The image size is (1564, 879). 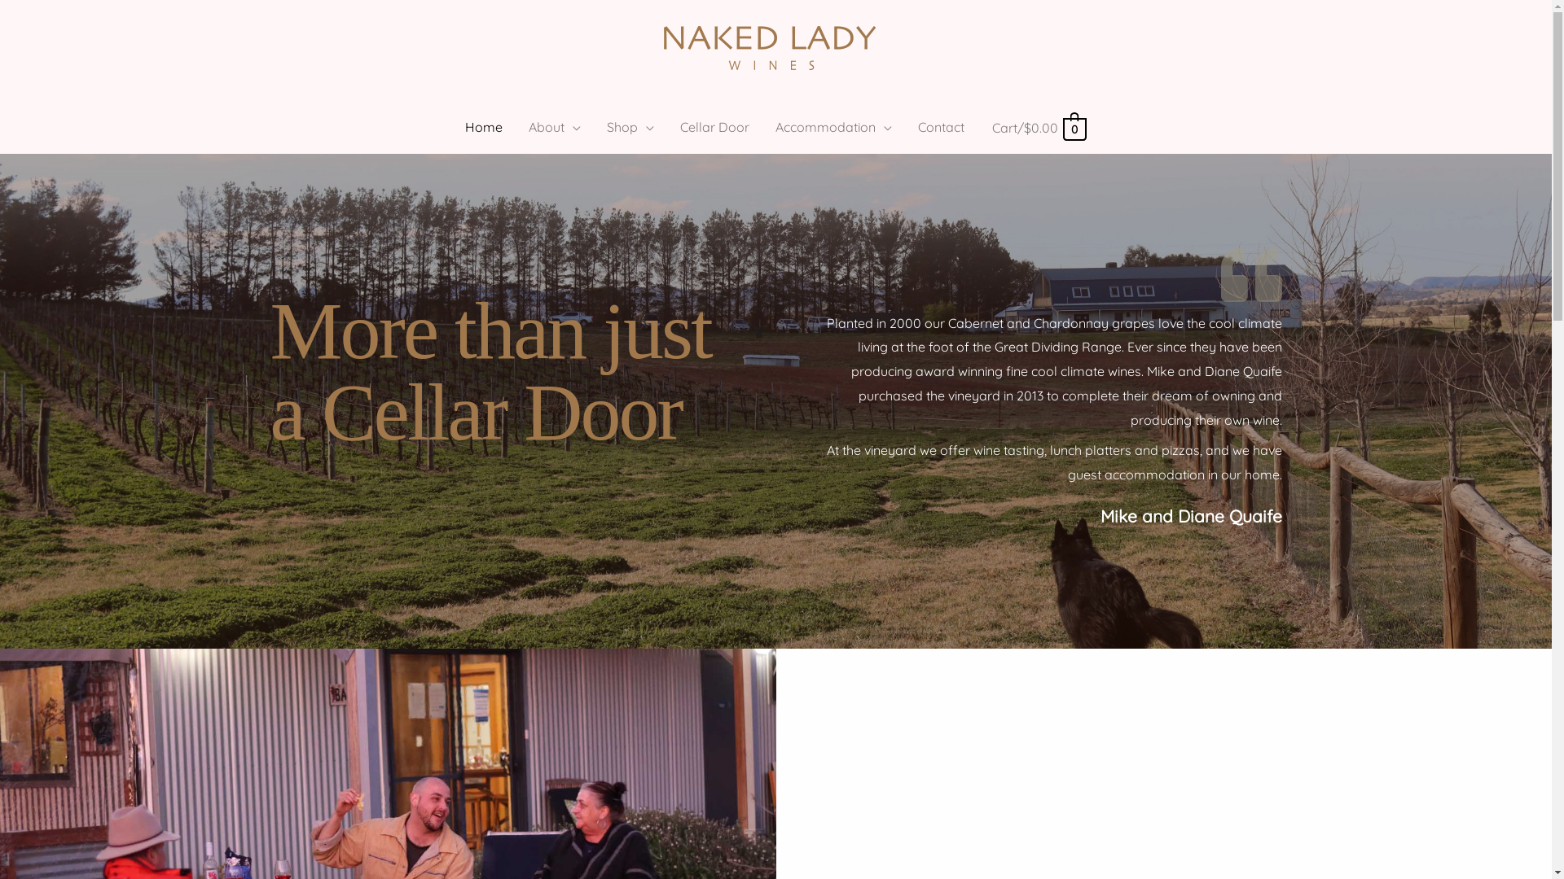 I want to click on 'Home', so click(x=452, y=125).